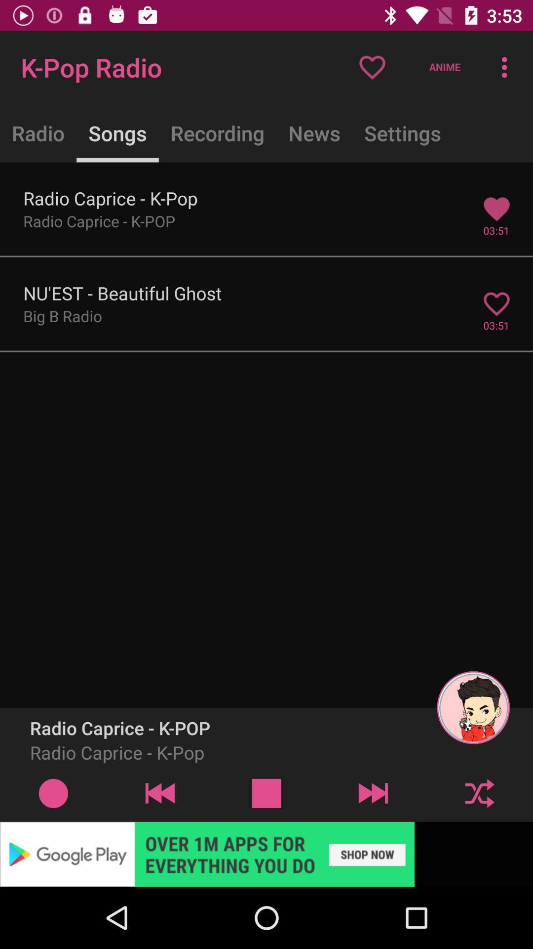 The image size is (533, 949). I want to click on share the article, so click(266, 854).